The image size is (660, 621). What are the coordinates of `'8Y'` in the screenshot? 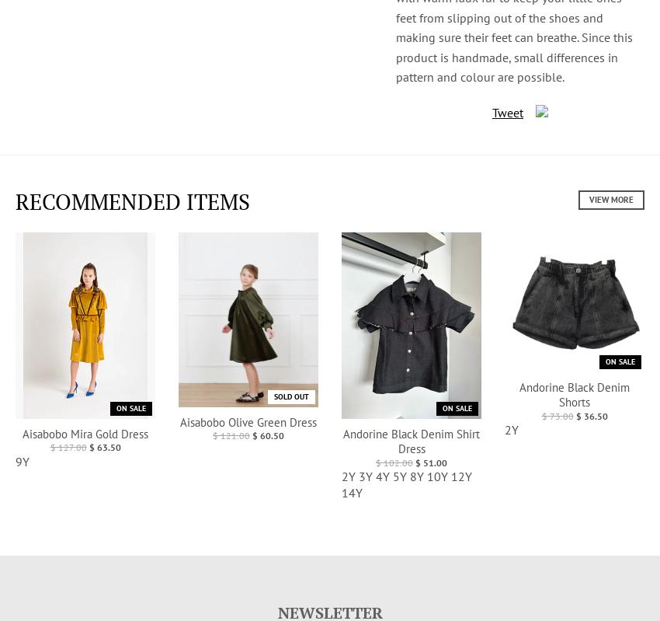 It's located at (416, 475).